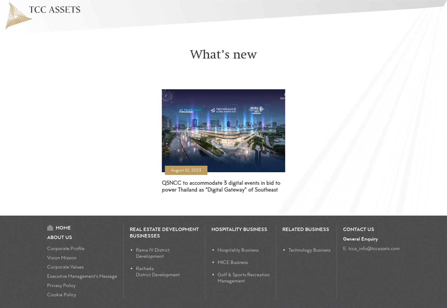 The width and height of the screenshot is (447, 308). I want to click on 'MICE Business', so click(233, 262).